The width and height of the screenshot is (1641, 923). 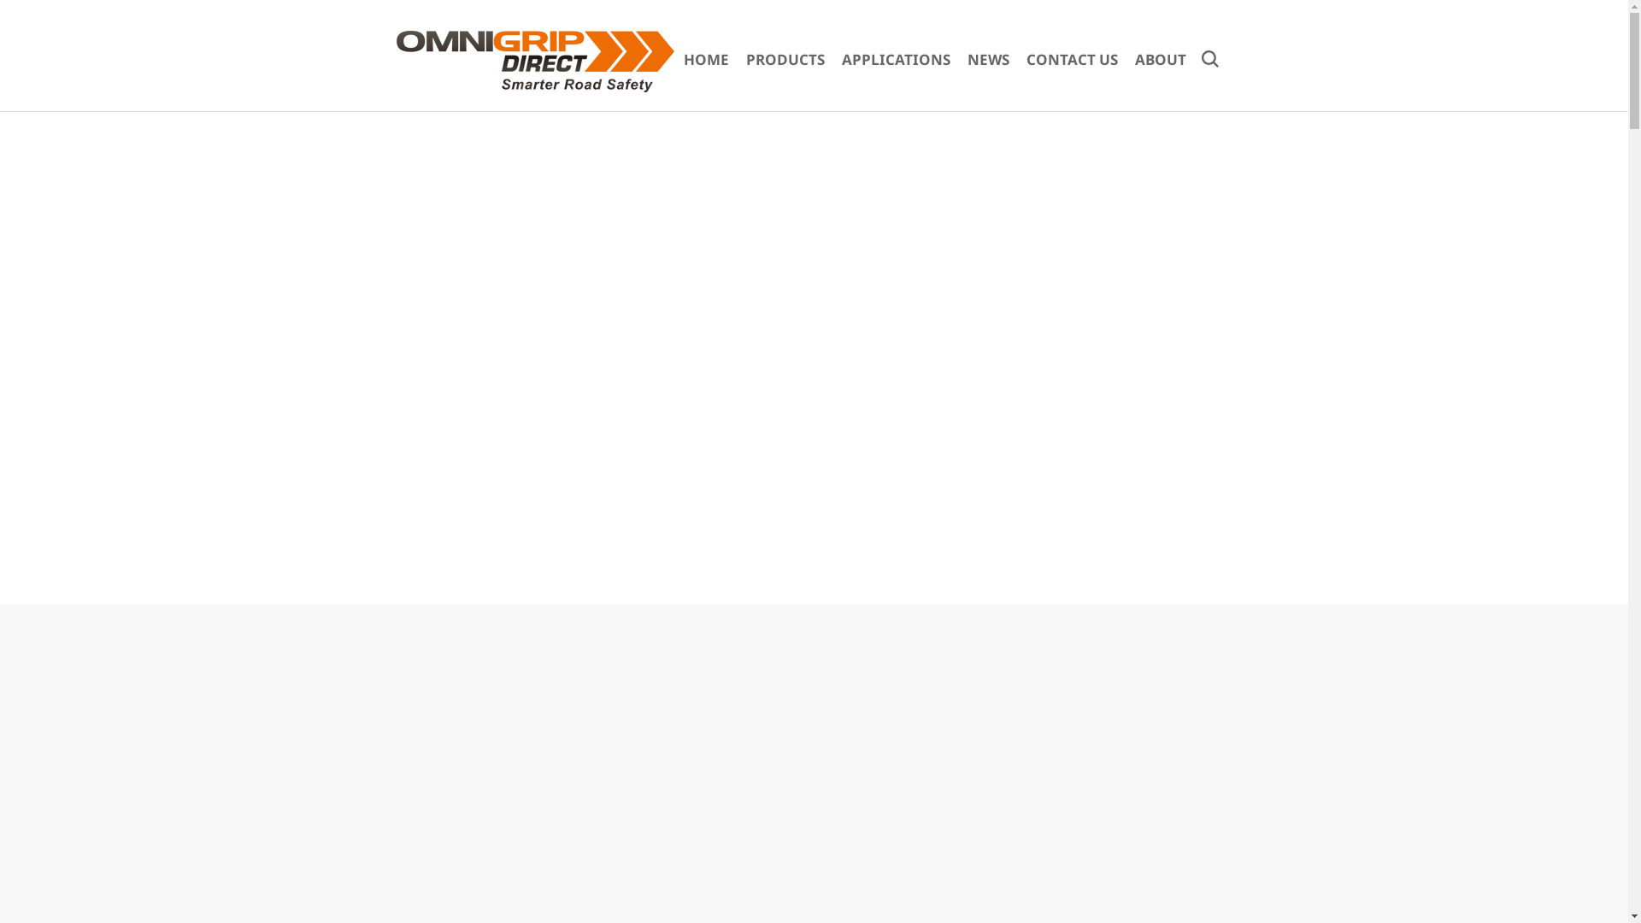 I want to click on 'NEWS', so click(x=988, y=58).